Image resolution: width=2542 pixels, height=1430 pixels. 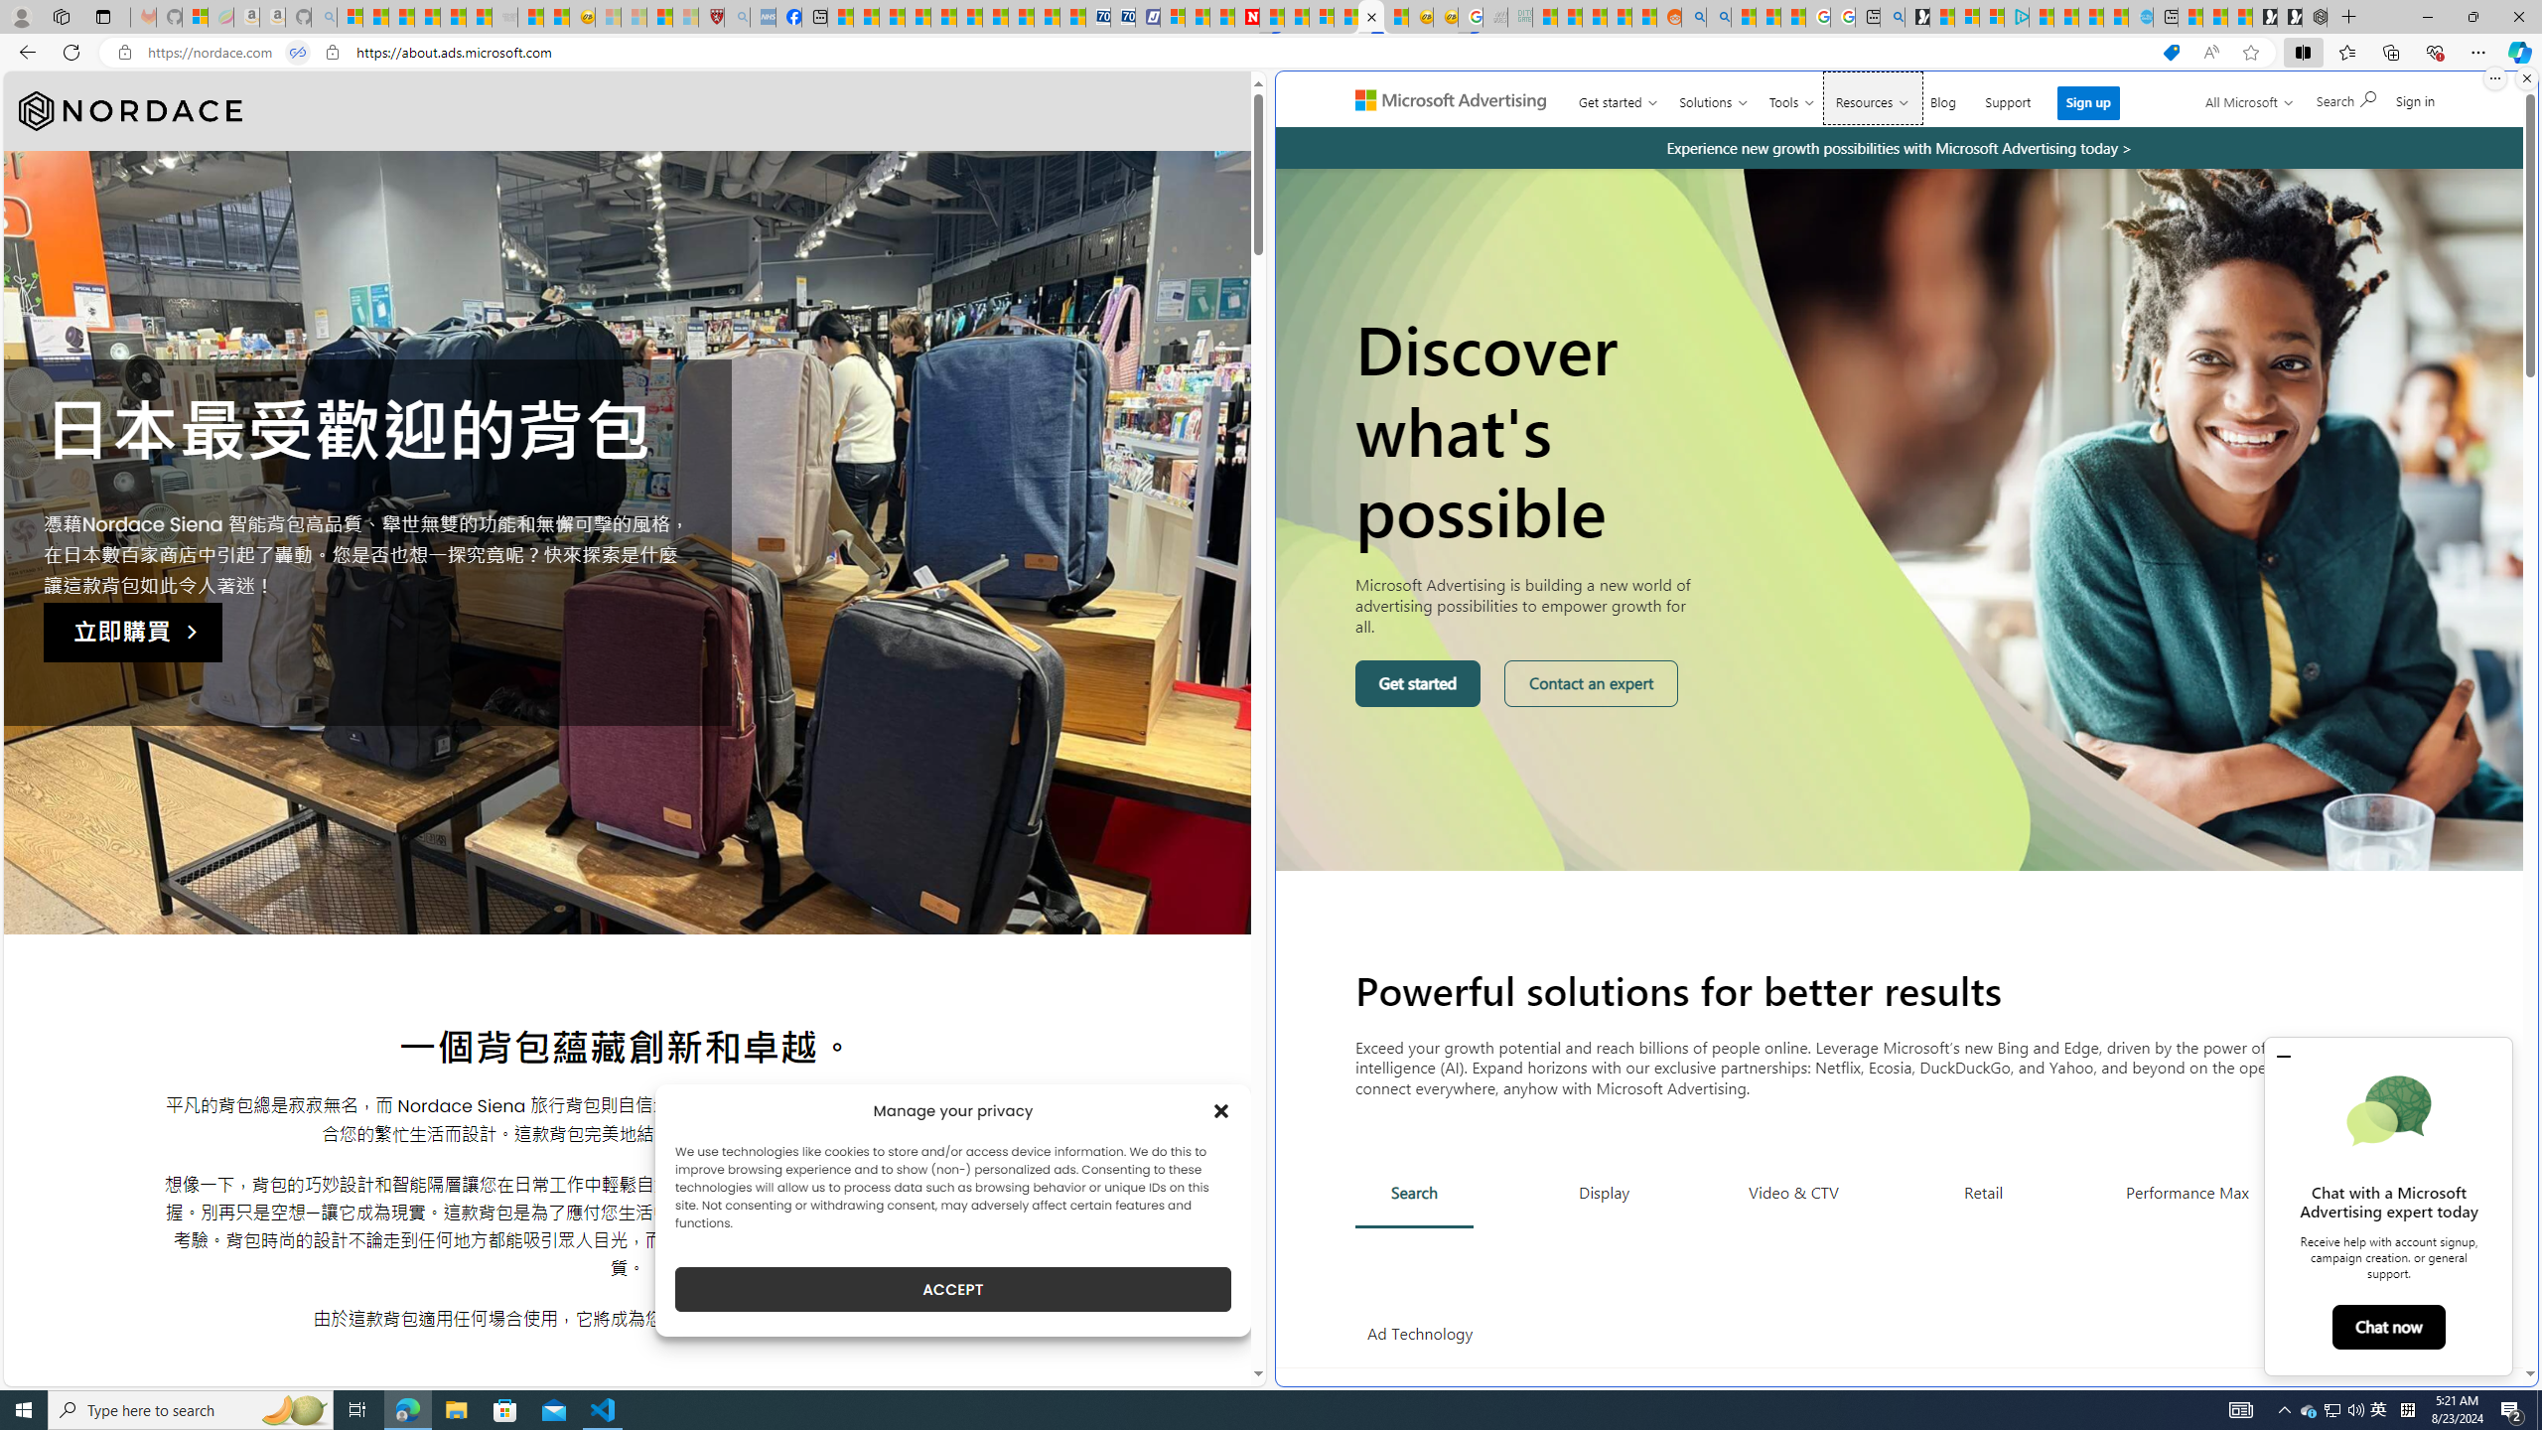 What do you see at coordinates (2186, 1191) in the screenshot?
I see `'Performance Max'` at bounding box center [2186, 1191].